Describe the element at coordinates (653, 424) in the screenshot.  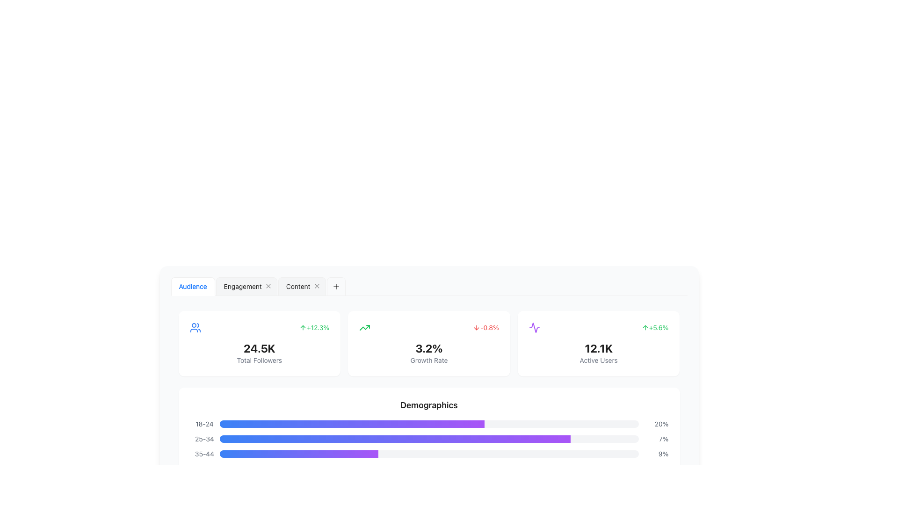
I see `the static text displaying '20%' which is aligned to the right within the 'Demographics' section, next to the '18-24' label` at that location.